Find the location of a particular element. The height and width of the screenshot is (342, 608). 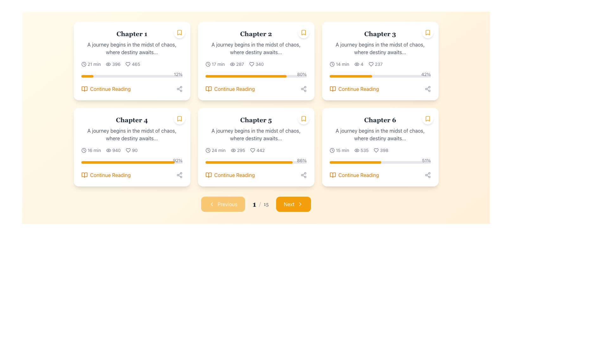

the progress indicator that visually represents 12% completion within the progress bar of Chapter 1, located at the top-left section of the layout is located at coordinates (87, 76).